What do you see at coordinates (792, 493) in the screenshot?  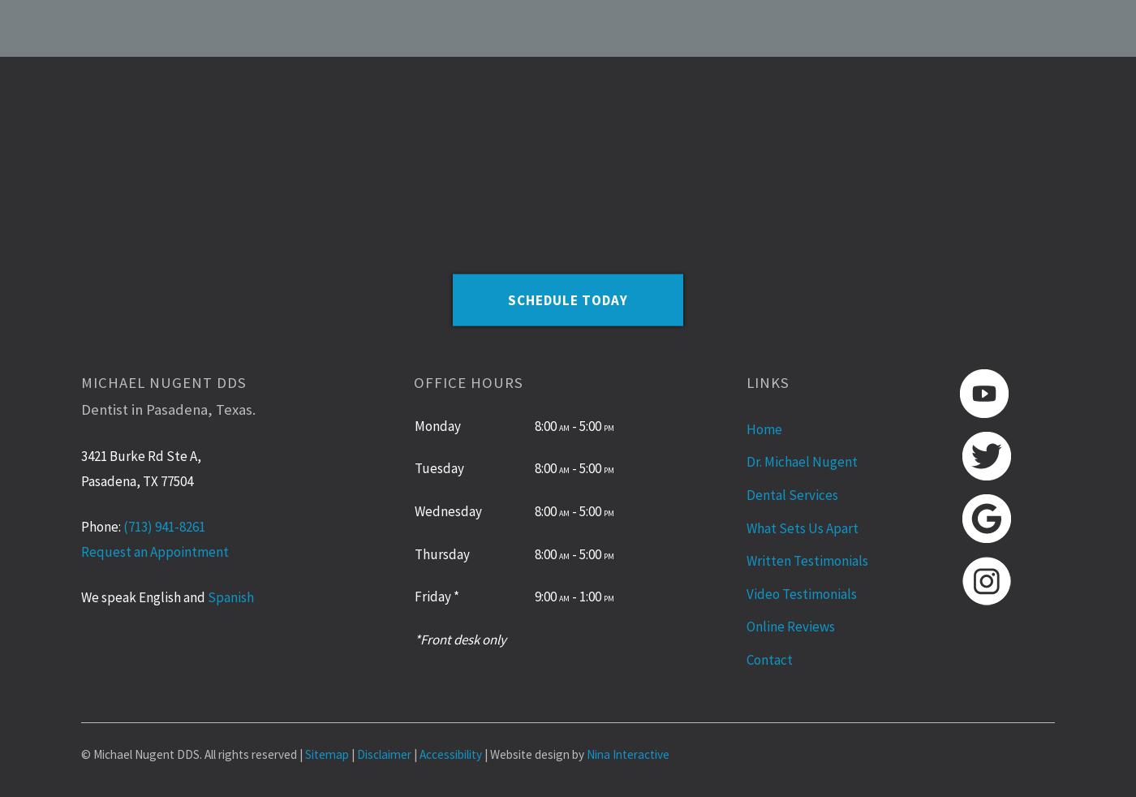 I see `'Dental Services'` at bounding box center [792, 493].